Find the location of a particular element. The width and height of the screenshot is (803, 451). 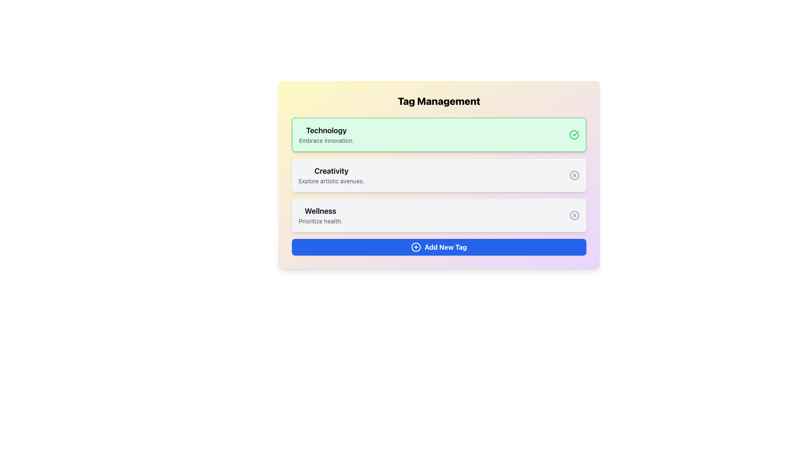

the static text label that serves as a title and subtitle, which displays 'Wellness' as a bold title and 'Prioritize health.' as a smaller gray subtitle, located in the third card of a vertical list of cards is located at coordinates (320, 215).